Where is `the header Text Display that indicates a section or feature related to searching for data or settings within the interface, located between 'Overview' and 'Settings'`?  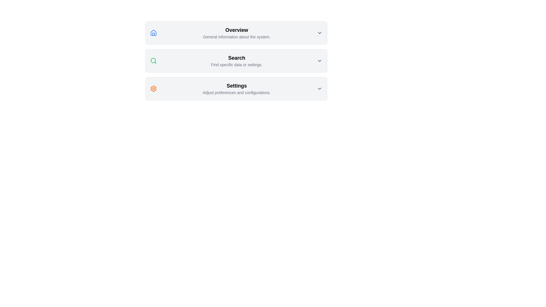 the header Text Display that indicates a section or feature related to searching for data or settings within the interface, located between 'Overview' and 'Settings' is located at coordinates (237, 61).